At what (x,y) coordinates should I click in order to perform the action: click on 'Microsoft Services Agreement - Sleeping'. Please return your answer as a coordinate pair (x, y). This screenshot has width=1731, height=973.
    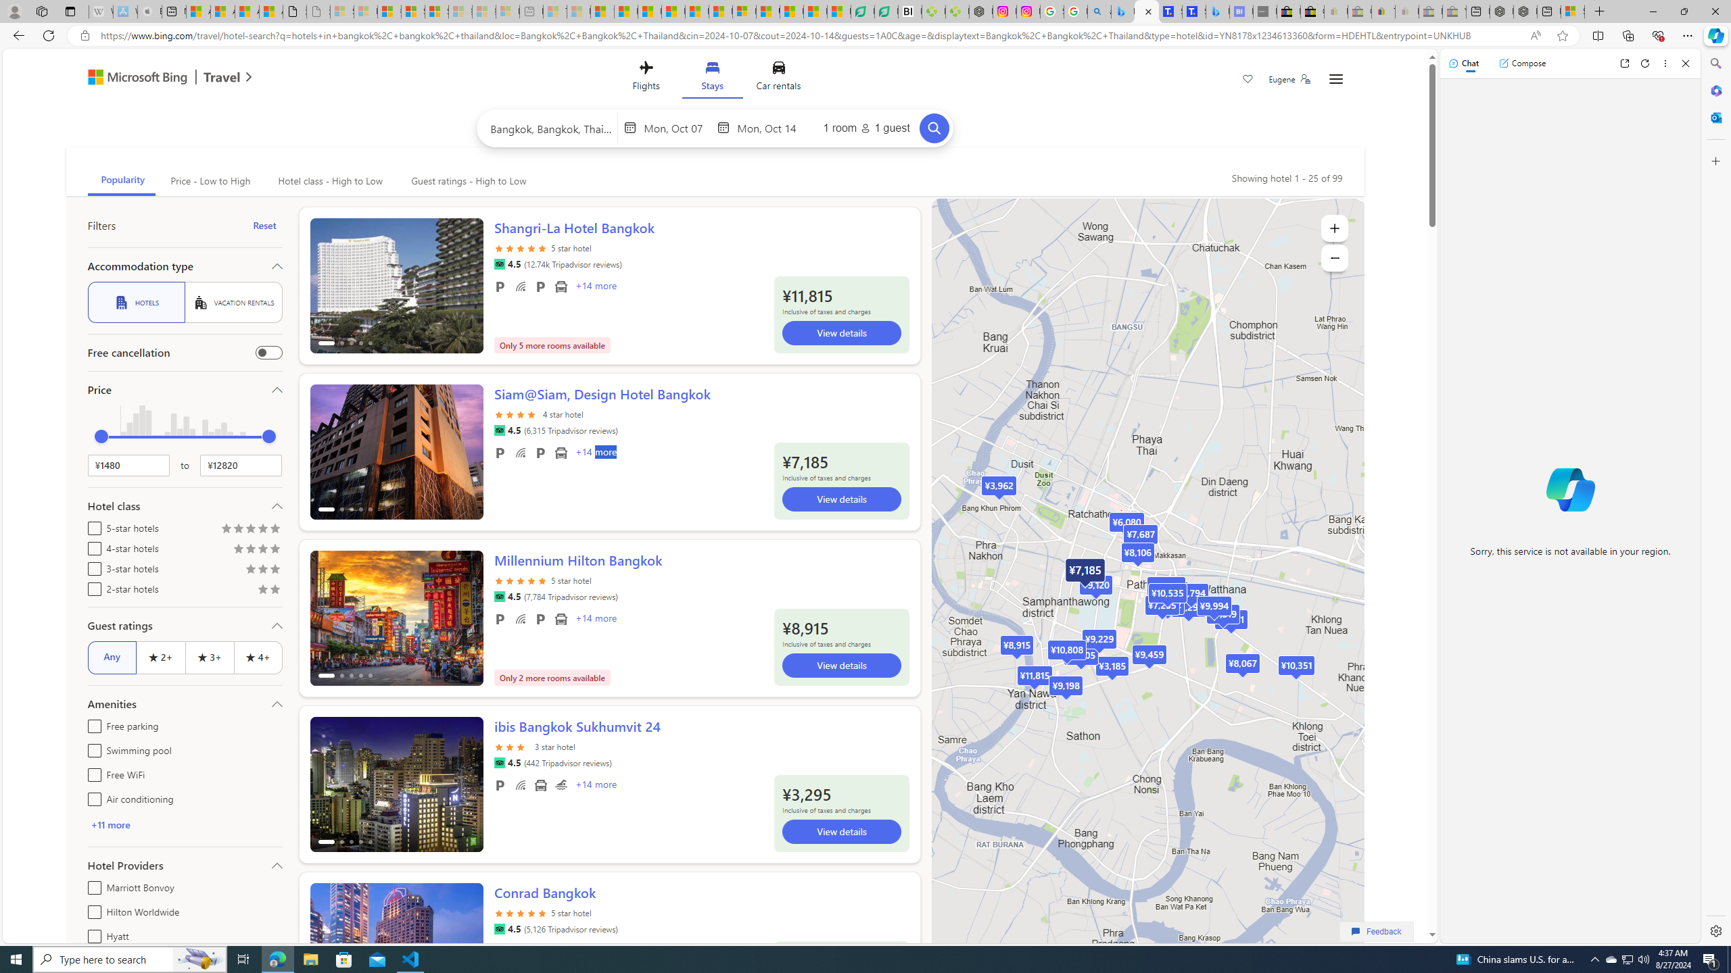
    Looking at the image, I should click on (364, 11).